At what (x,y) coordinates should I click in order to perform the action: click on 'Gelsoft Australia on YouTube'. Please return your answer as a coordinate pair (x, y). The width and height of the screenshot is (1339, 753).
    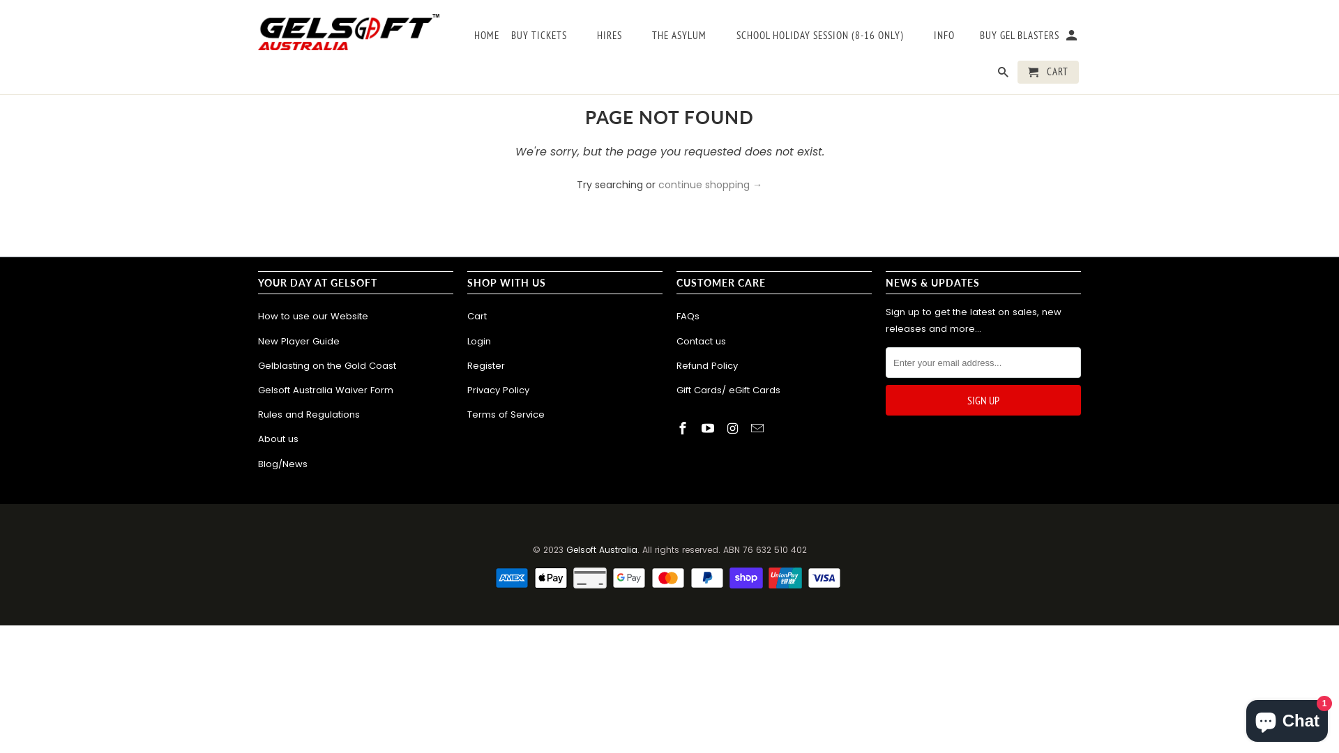
    Looking at the image, I should click on (709, 427).